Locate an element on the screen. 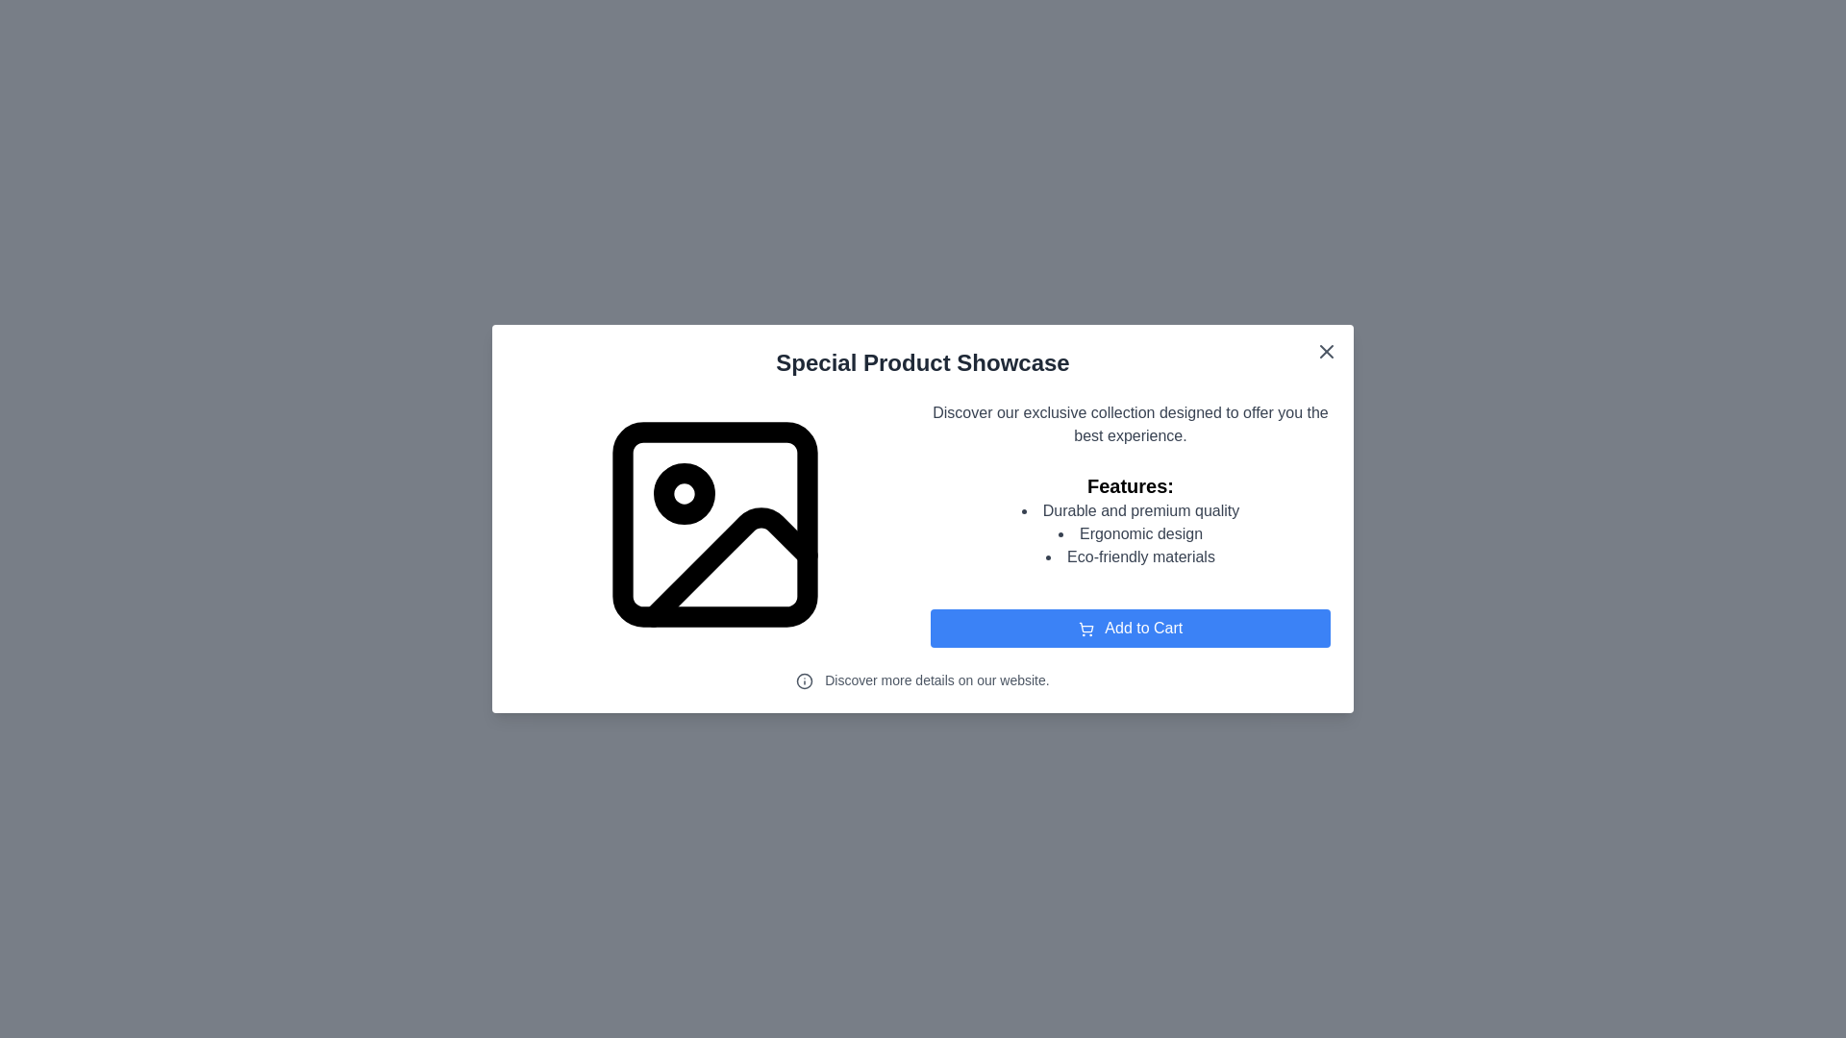  the static label with the text 'Special Product Showcase', which is styled in bold and centrally aligned below the close button icon is located at coordinates (923, 362).